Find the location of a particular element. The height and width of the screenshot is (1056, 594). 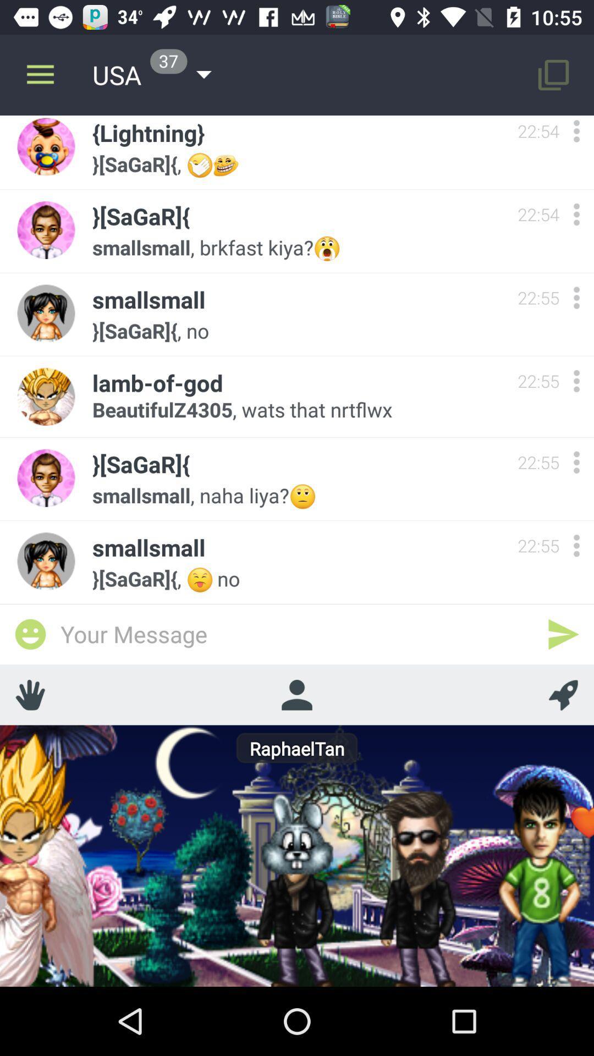

open friend list is located at coordinates (296, 694).